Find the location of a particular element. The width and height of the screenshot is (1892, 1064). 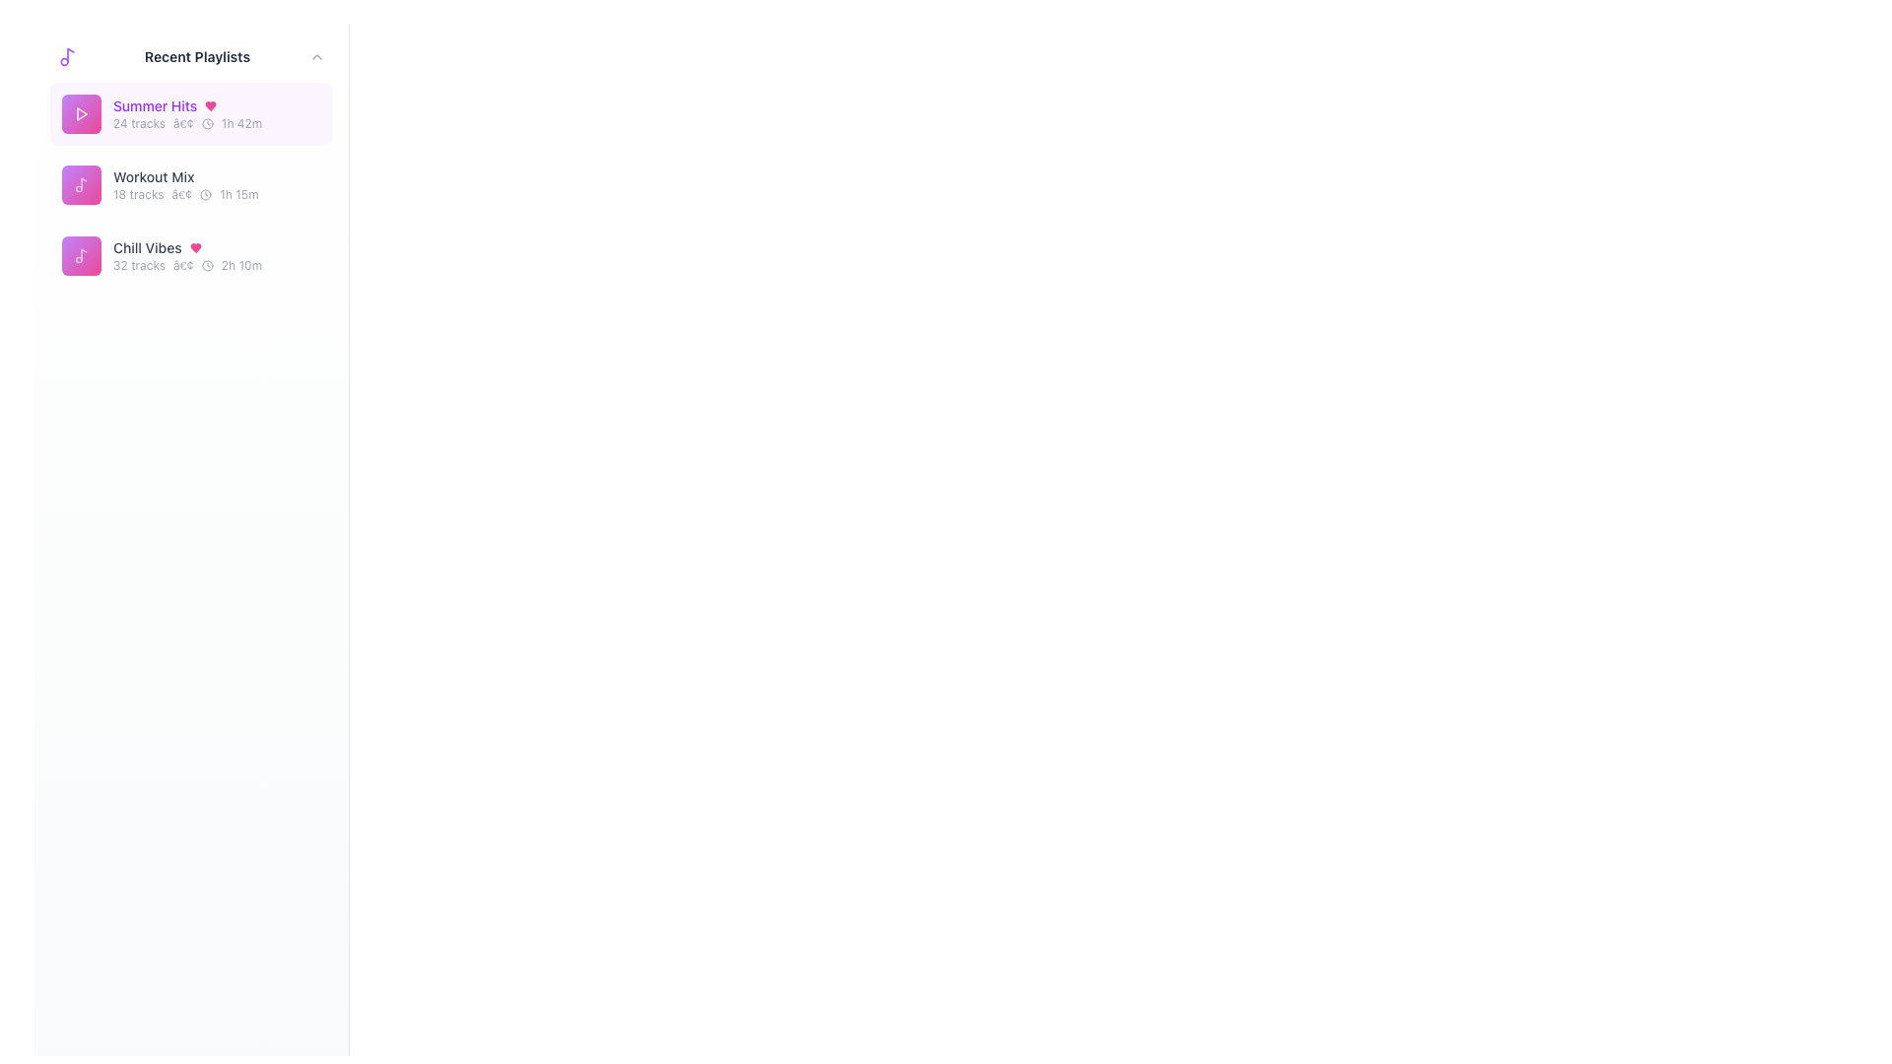

information displayed on the text label with icon located below the 'Workout Mix' header in the second position of the playlist is located at coordinates (217, 194).